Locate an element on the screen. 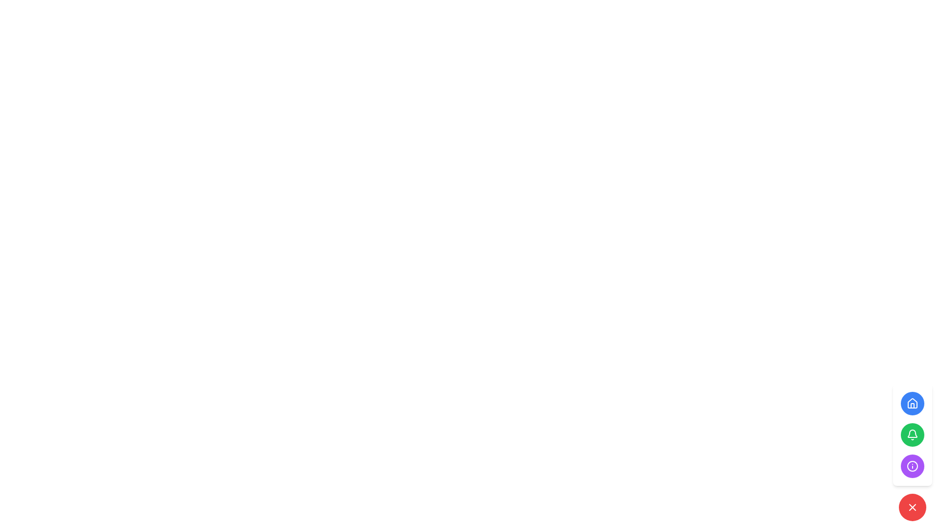 Image resolution: width=940 pixels, height=529 pixels. the central graphical 'Home' icon within the blue circular button located at the top of the vertically stacked buttons on the far-right side of the interface is located at coordinates (912, 404).